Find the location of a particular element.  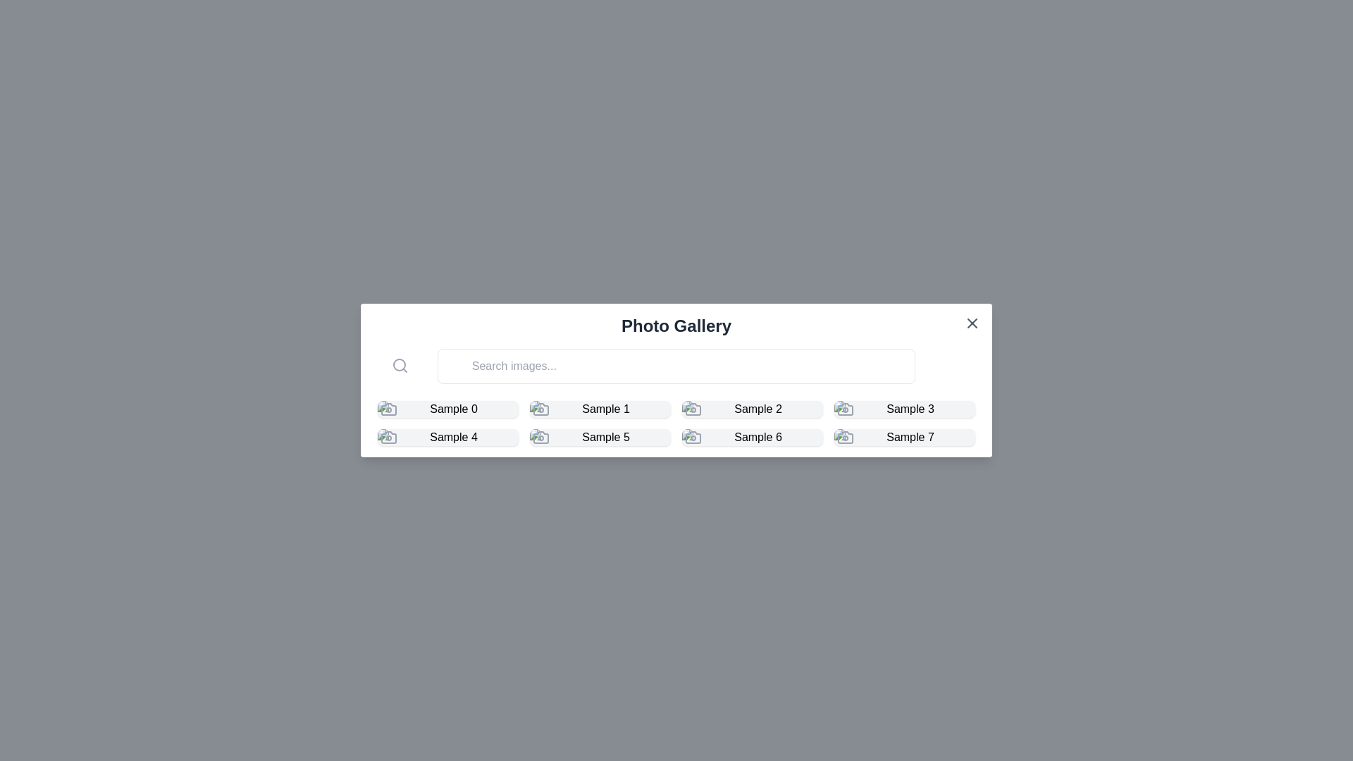

the search bar input field located below the 'Photo Gallery' title to focus the input field is located at coordinates (676, 366).